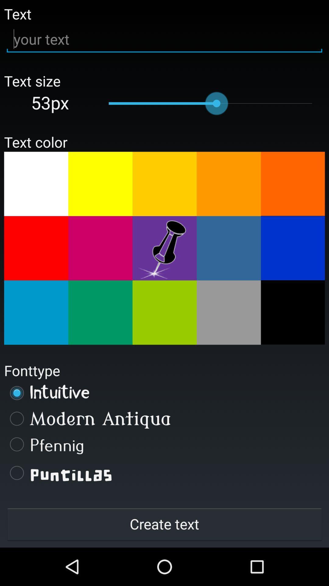 The width and height of the screenshot is (329, 586). Describe the element at coordinates (164, 418) in the screenshot. I see `icon below intuitive item` at that location.